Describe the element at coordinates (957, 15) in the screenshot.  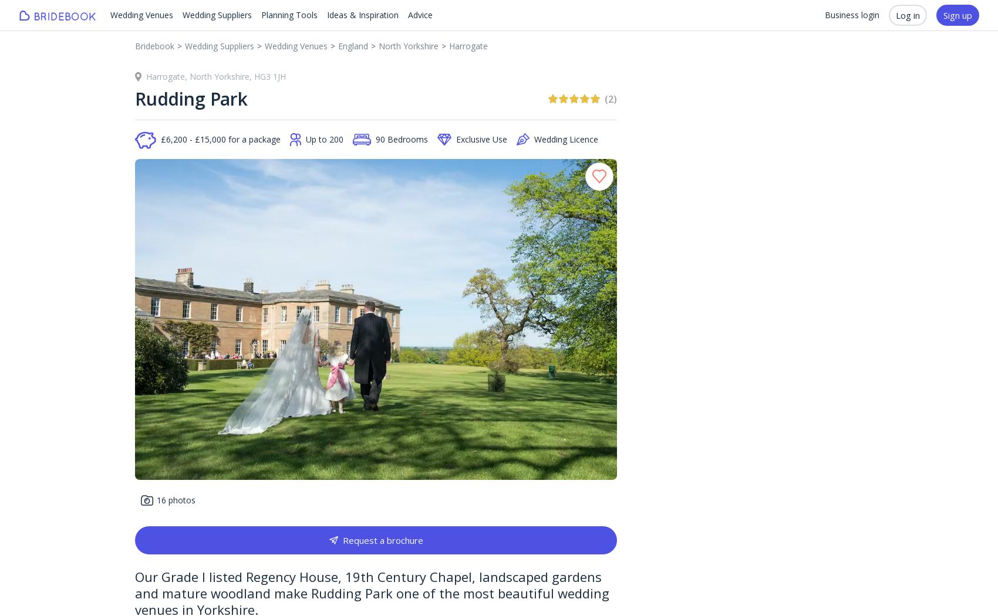
I see `'Sign up'` at that location.